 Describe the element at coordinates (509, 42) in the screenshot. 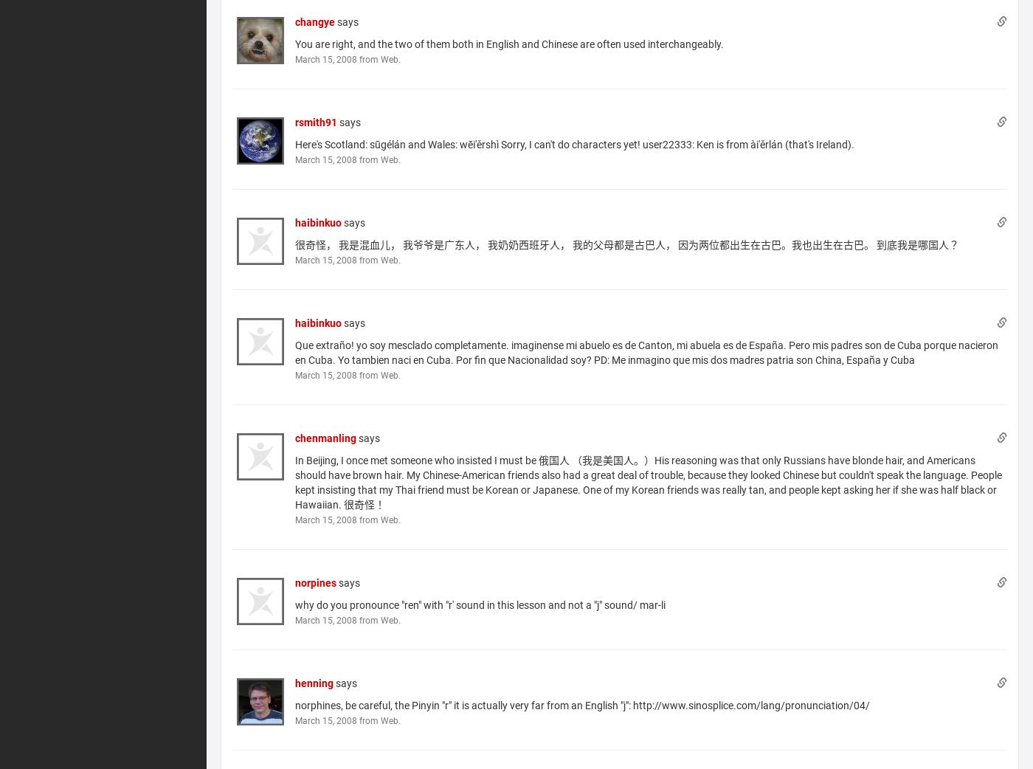

I see `'You are right, and 
the two of them both in
English and Chinese are 
often used interchangeably.'` at that location.